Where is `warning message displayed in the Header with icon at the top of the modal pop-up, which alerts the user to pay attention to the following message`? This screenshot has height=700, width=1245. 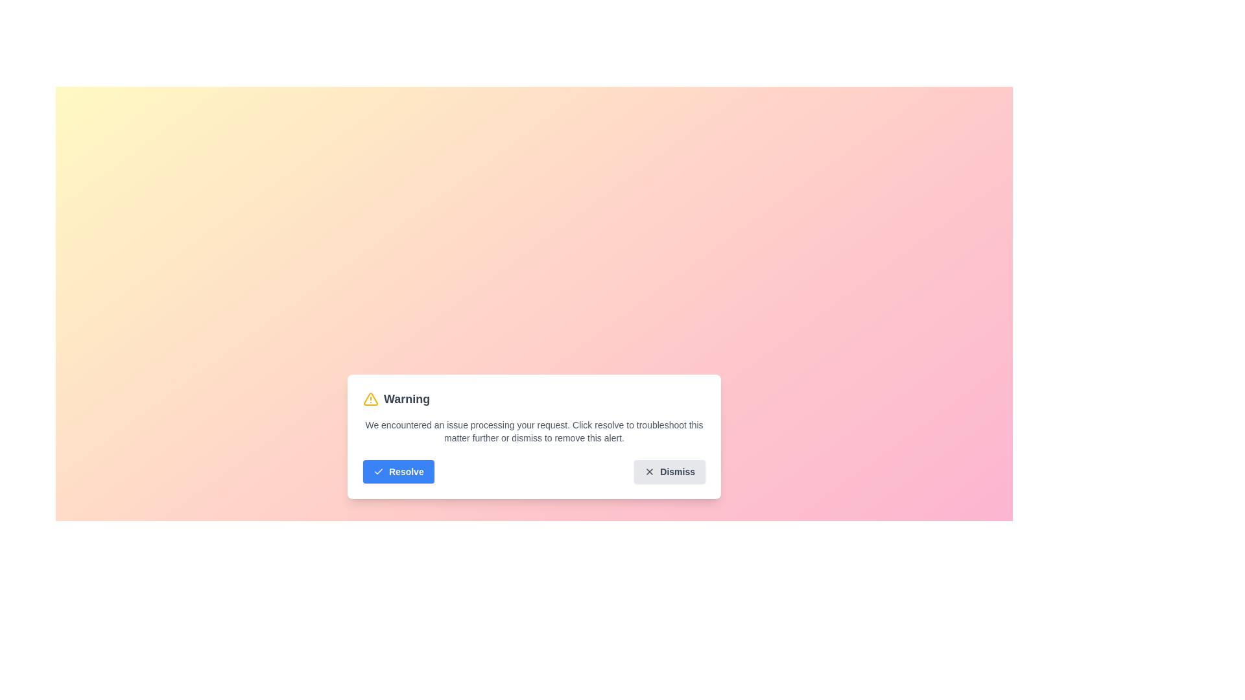 warning message displayed in the Header with icon at the top of the modal pop-up, which alerts the user to pay attention to the following message is located at coordinates (396, 399).